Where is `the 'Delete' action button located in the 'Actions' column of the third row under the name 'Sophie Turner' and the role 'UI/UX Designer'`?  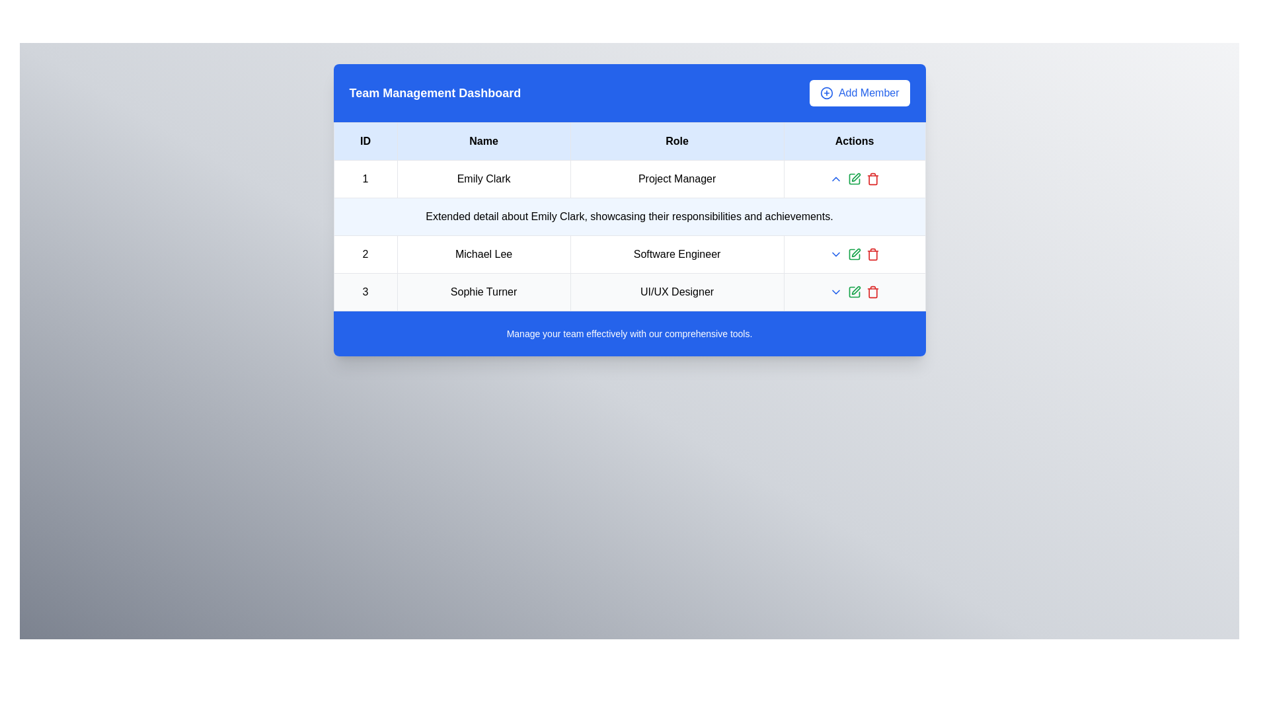
the 'Delete' action button located in the 'Actions' column of the third row under the name 'Sophie Turner' and the role 'UI/UX Designer' is located at coordinates (872, 178).